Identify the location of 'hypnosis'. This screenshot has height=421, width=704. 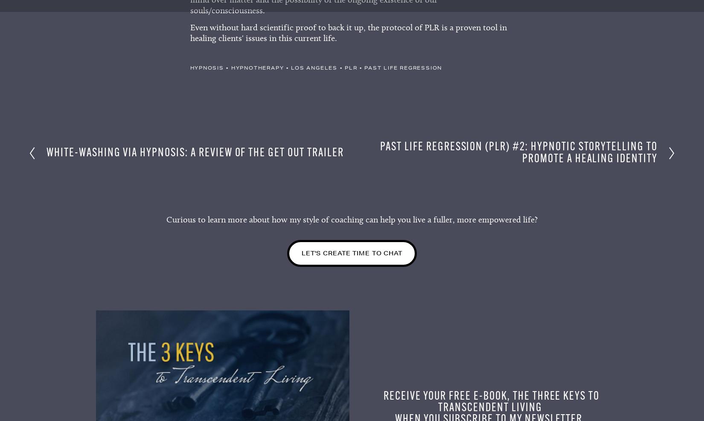
(206, 70).